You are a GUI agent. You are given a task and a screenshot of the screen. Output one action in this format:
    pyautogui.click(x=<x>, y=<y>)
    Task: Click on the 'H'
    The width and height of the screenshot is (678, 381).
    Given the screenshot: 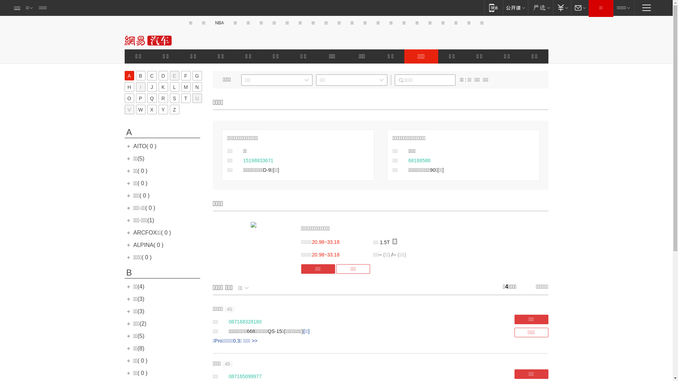 What is the action you would take?
    pyautogui.click(x=129, y=86)
    